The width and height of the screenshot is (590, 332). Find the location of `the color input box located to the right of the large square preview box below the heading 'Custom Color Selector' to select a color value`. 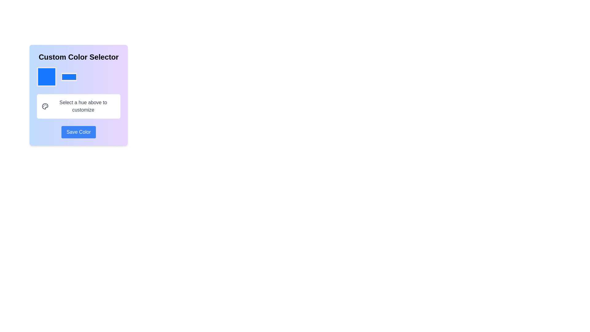

the color input box located to the right of the large square preview box below the heading 'Custom Color Selector' to select a color value is located at coordinates (69, 77).